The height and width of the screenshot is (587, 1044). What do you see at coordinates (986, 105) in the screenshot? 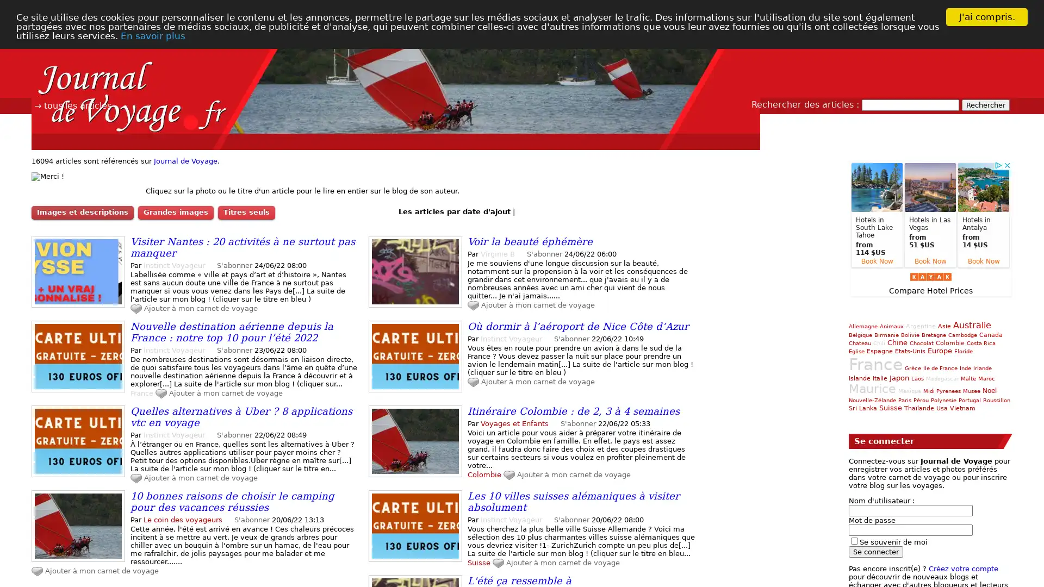
I see `Rechercher` at bounding box center [986, 105].